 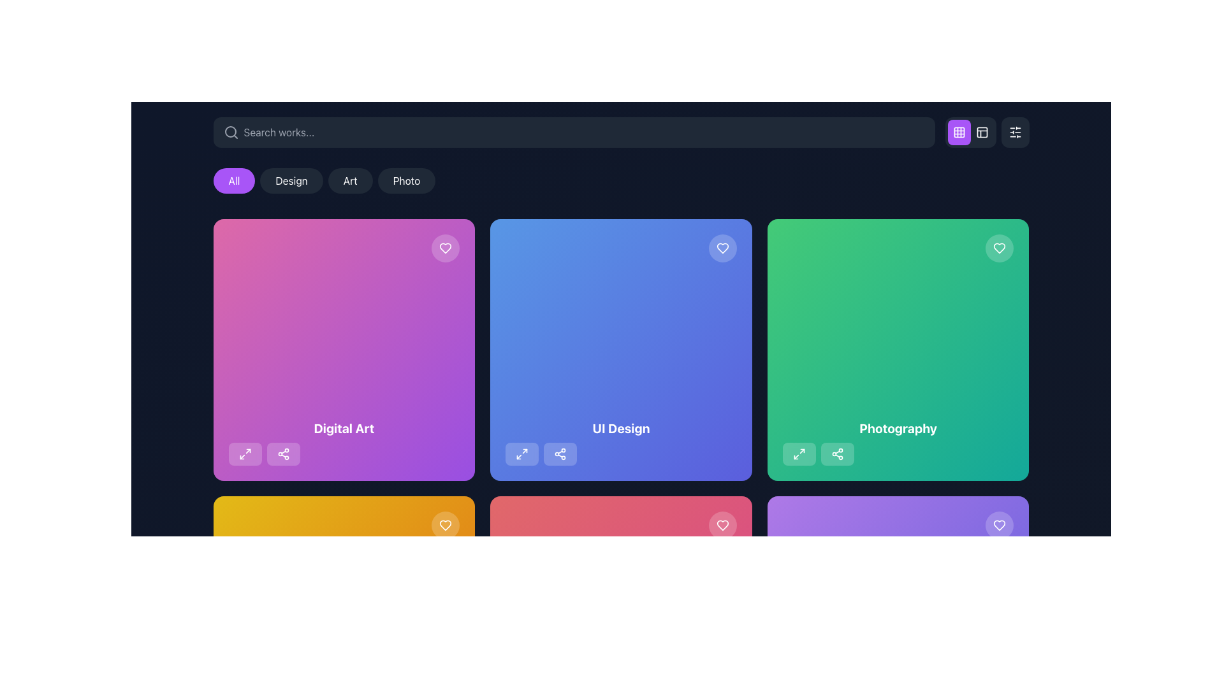 I want to click on the grid view toggle button located in the top-right section of the interface, so click(x=970, y=133).